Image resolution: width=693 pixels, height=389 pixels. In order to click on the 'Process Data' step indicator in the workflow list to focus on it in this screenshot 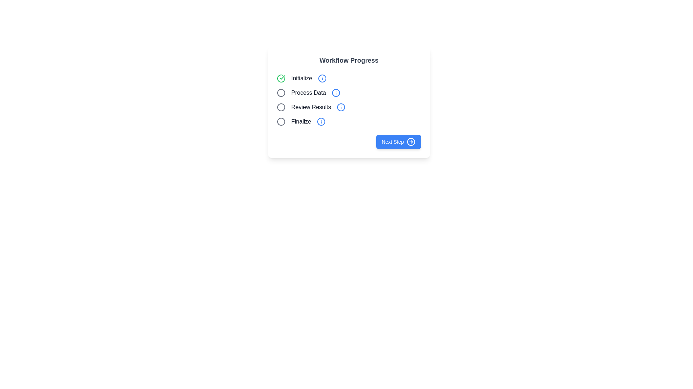, I will do `click(349, 93)`.